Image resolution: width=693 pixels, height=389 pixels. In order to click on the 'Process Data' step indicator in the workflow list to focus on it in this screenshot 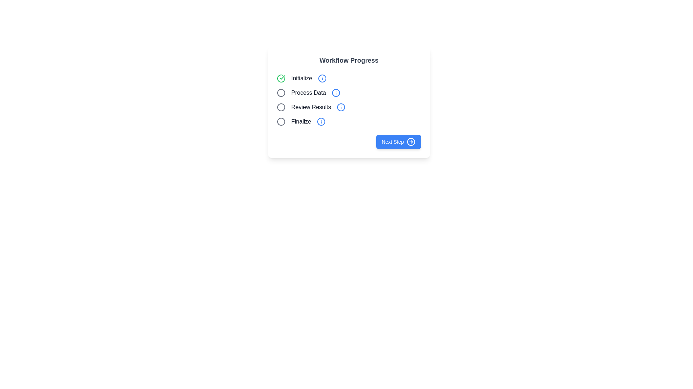, I will do `click(349, 93)`.